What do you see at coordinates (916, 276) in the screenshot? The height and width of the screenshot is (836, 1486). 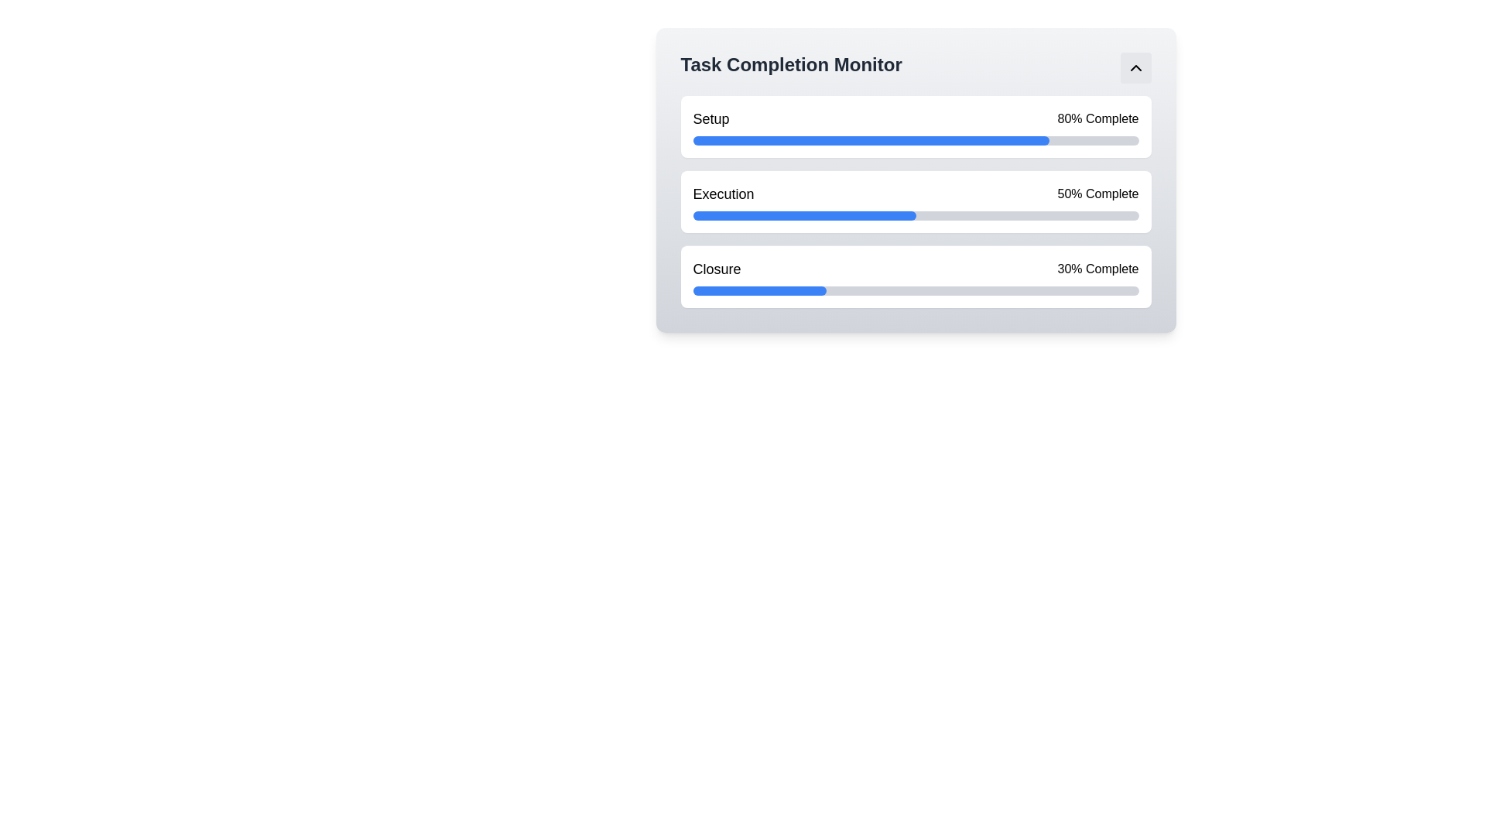 I see `the Progress indicator titled 'Closure', which displays '30% Complete' and has a blue progress bar beneath it` at bounding box center [916, 276].